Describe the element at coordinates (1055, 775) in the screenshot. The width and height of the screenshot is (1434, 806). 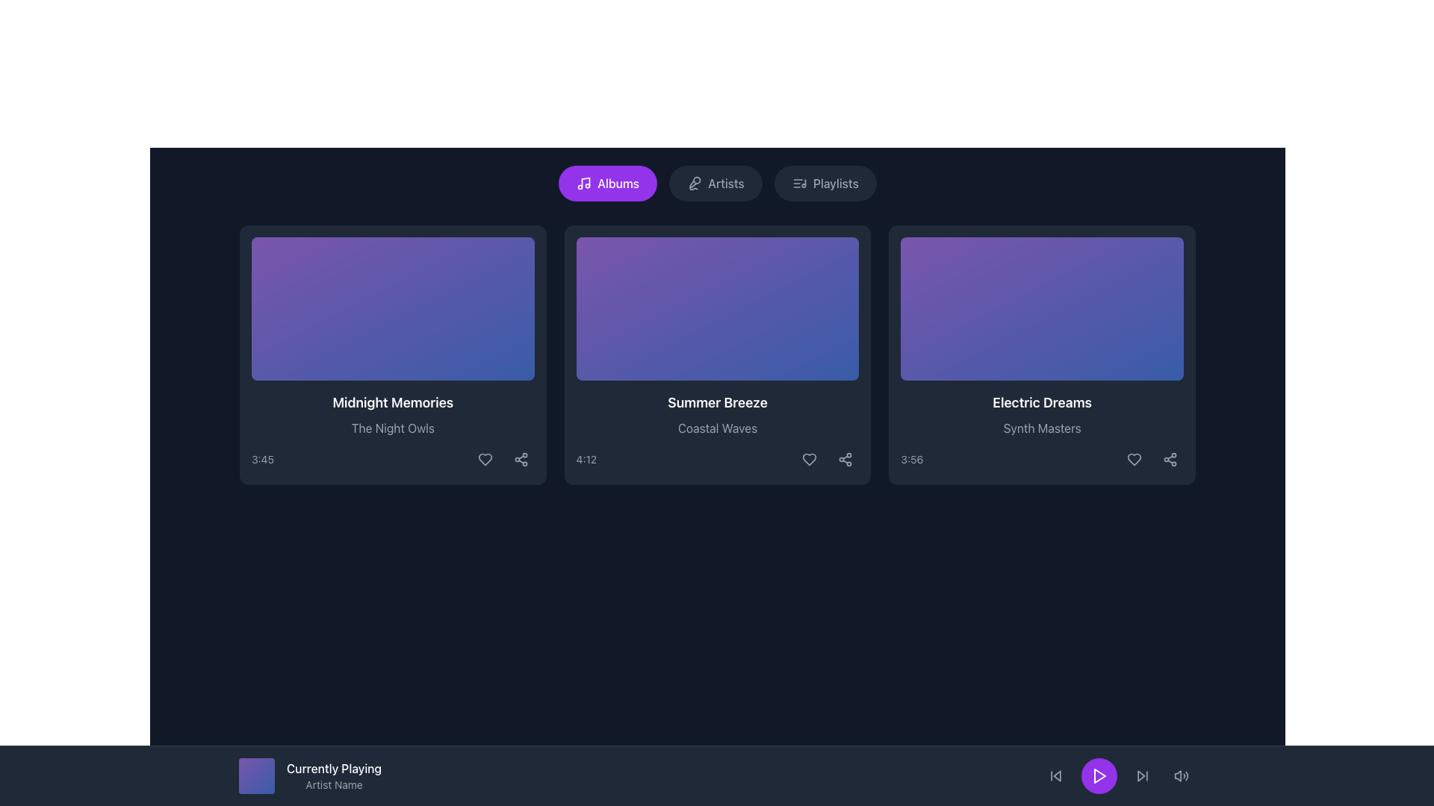
I see `the compact back-skip button styled with a minimalistic outline design located at the left-most position of the bottom control bar` at that location.